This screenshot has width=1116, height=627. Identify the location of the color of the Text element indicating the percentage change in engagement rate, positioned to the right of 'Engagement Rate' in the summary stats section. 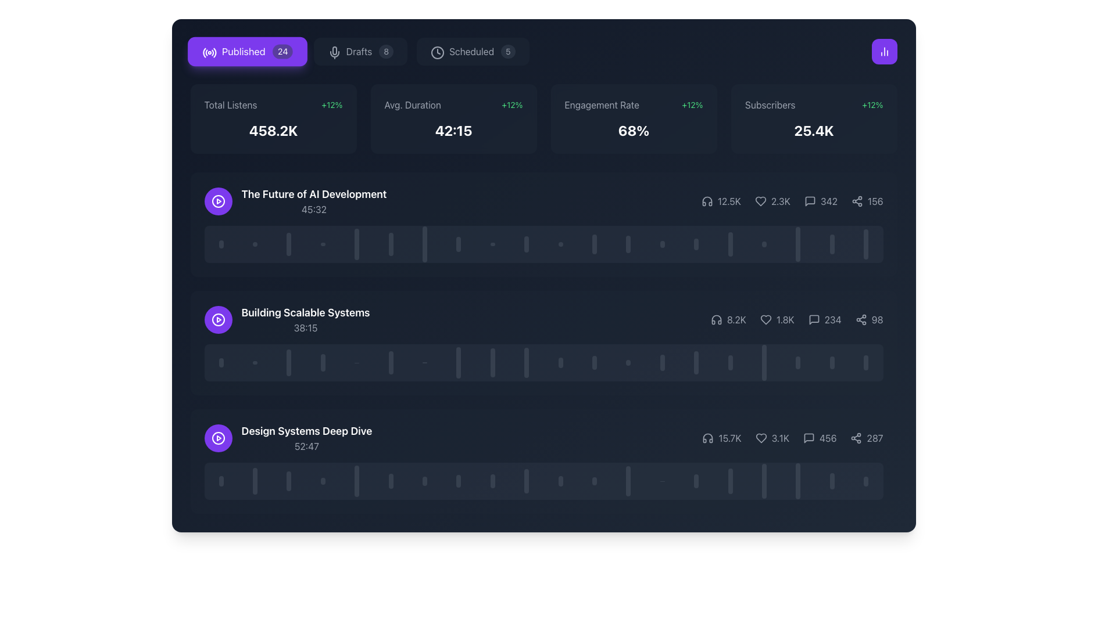
(692, 105).